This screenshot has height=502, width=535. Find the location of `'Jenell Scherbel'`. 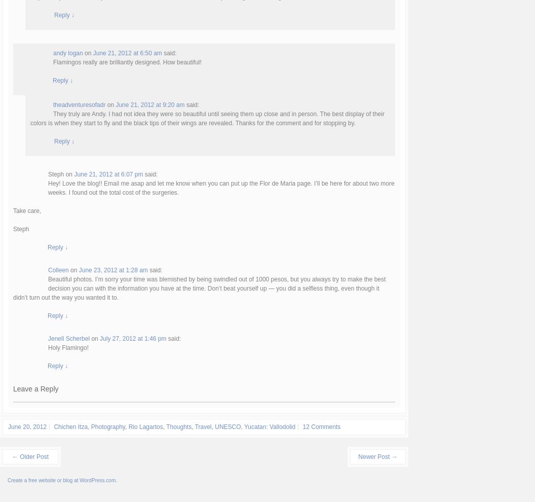

'Jenell Scherbel' is located at coordinates (69, 338).